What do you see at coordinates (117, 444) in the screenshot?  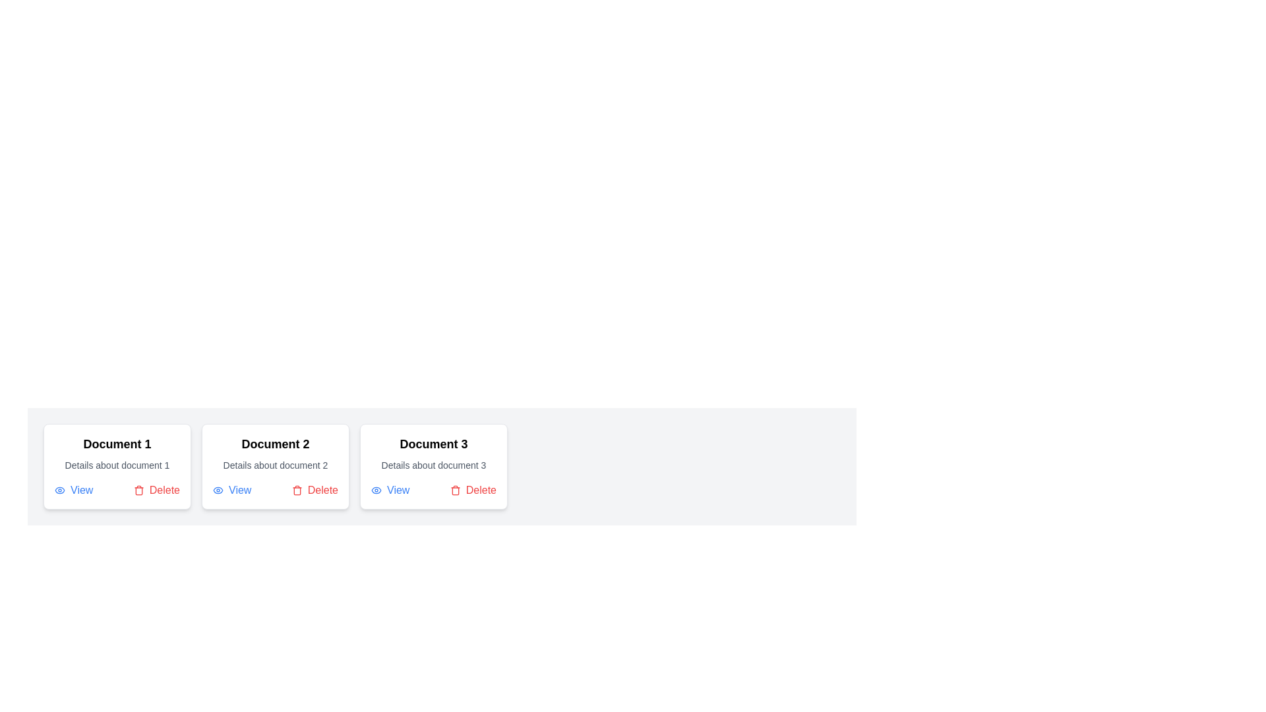 I see `the 'Document 1' text label, which is the main heading of the first card, displayed in bold, large font at the top of a white card with rounded corners` at bounding box center [117, 444].